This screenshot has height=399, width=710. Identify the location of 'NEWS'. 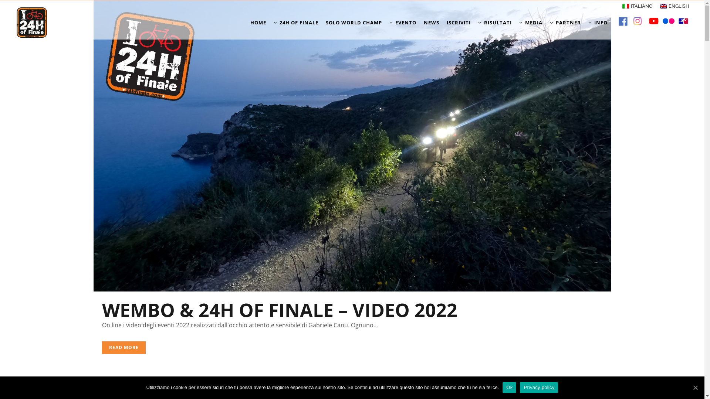
(431, 22).